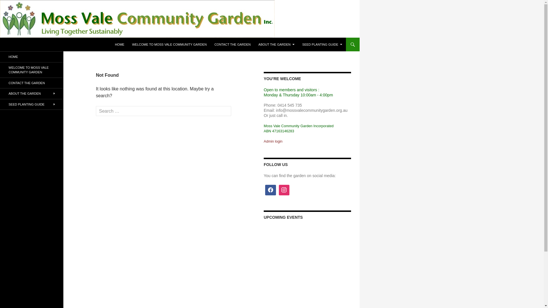  Describe the element at coordinates (114, 37) in the screenshot. I see `'SKIP TO CONTENT'` at that location.